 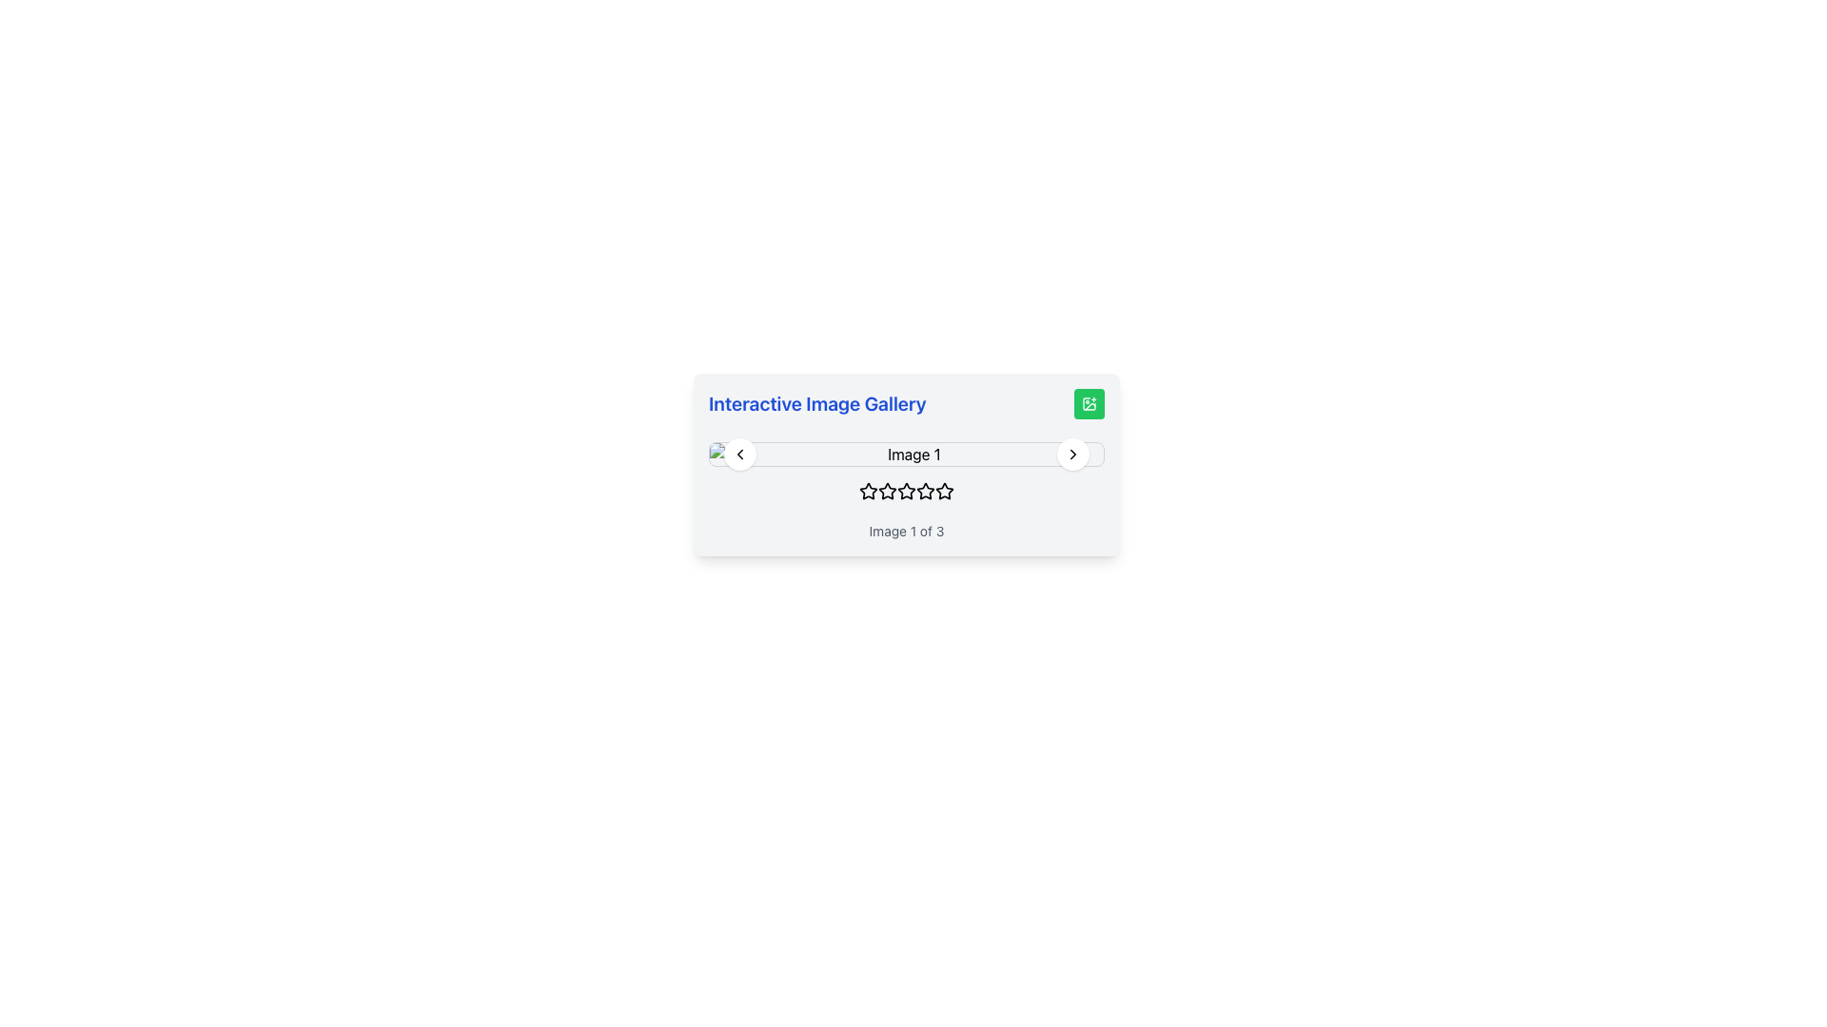 I want to click on the fifth star in the five-star rating system, so click(x=926, y=490).